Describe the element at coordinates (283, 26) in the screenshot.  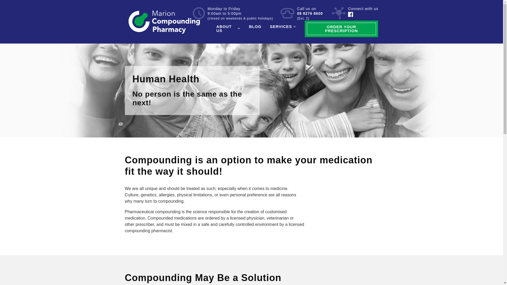
I see `'SERVICES'` at that location.